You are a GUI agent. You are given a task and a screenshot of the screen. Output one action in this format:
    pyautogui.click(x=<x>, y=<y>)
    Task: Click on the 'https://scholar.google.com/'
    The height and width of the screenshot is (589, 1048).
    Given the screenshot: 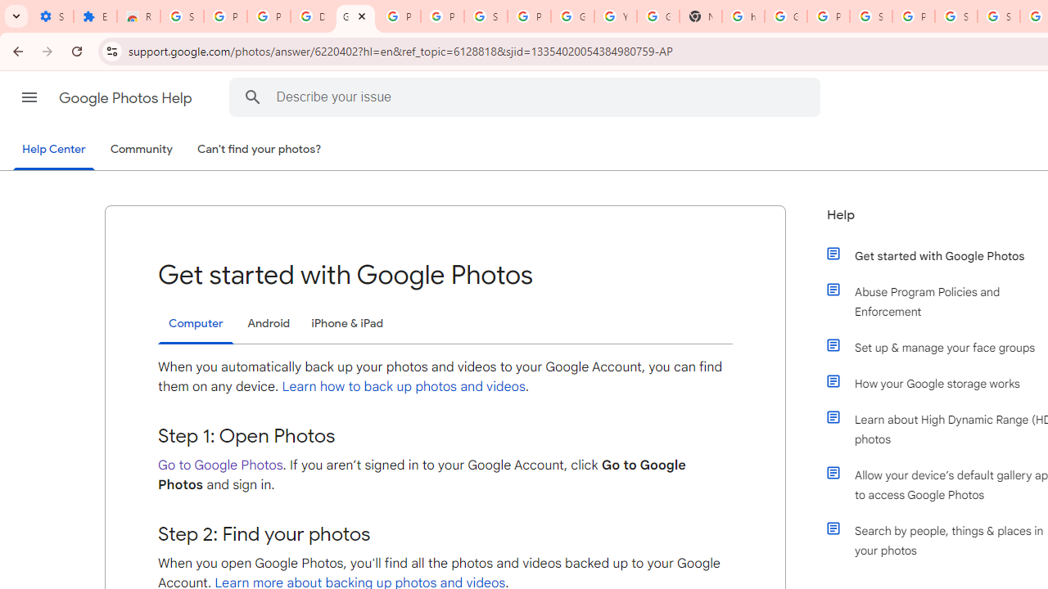 What is the action you would take?
    pyautogui.click(x=743, y=16)
    